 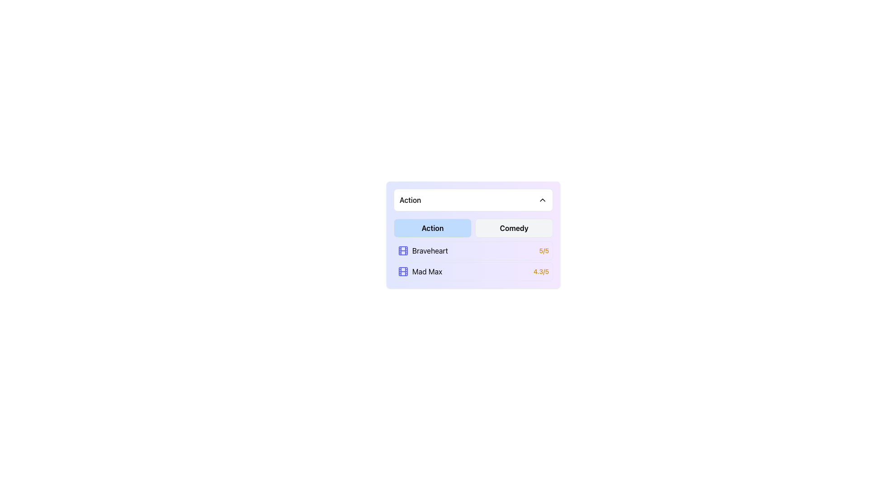 What do you see at coordinates (403, 271) in the screenshot?
I see `the SVG rectangle element that is part of the icon next to the 'Mad Max' text, located on the second row of the list below the 'Action' and 'Comedy' tabs` at bounding box center [403, 271].